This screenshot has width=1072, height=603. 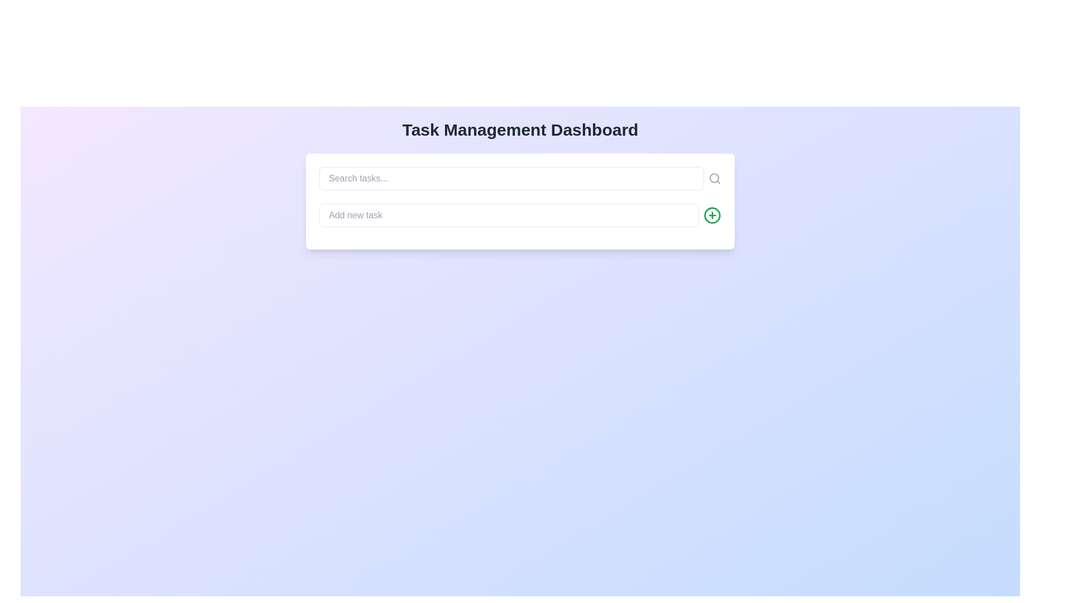 What do you see at coordinates (712, 215) in the screenshot?
I see `the button located on the right side of the input box with the placeholder 'Add new task'` at bounding box center [712, 215].